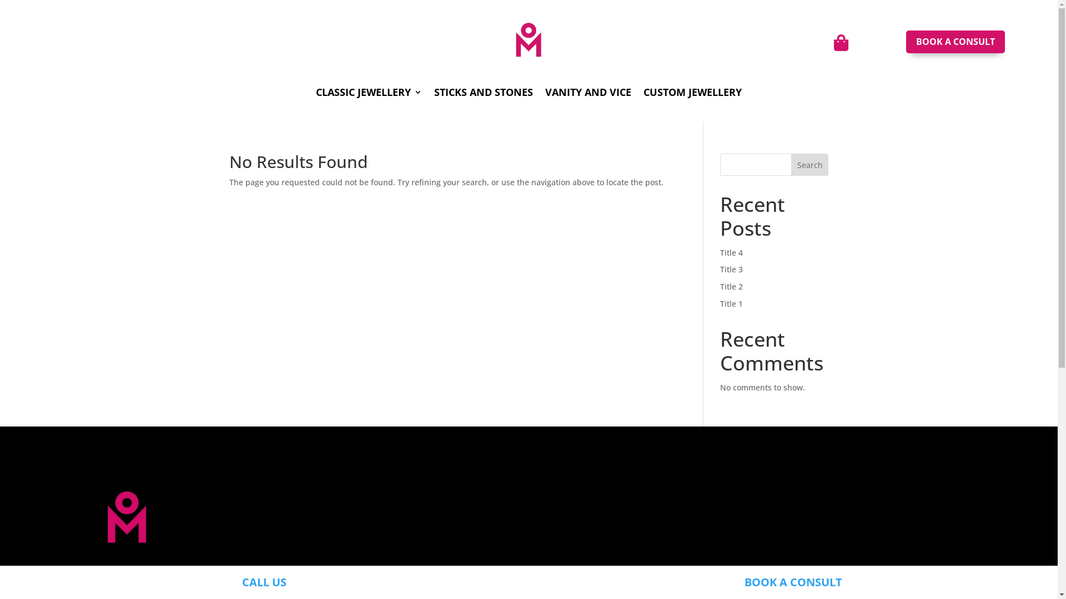 Image resolution: width=1066 pixels, height=599 pixels. Describe the element at coordinates (792, 581) in the screenshot. I see `'BOOK A CONSULT'` at that location.